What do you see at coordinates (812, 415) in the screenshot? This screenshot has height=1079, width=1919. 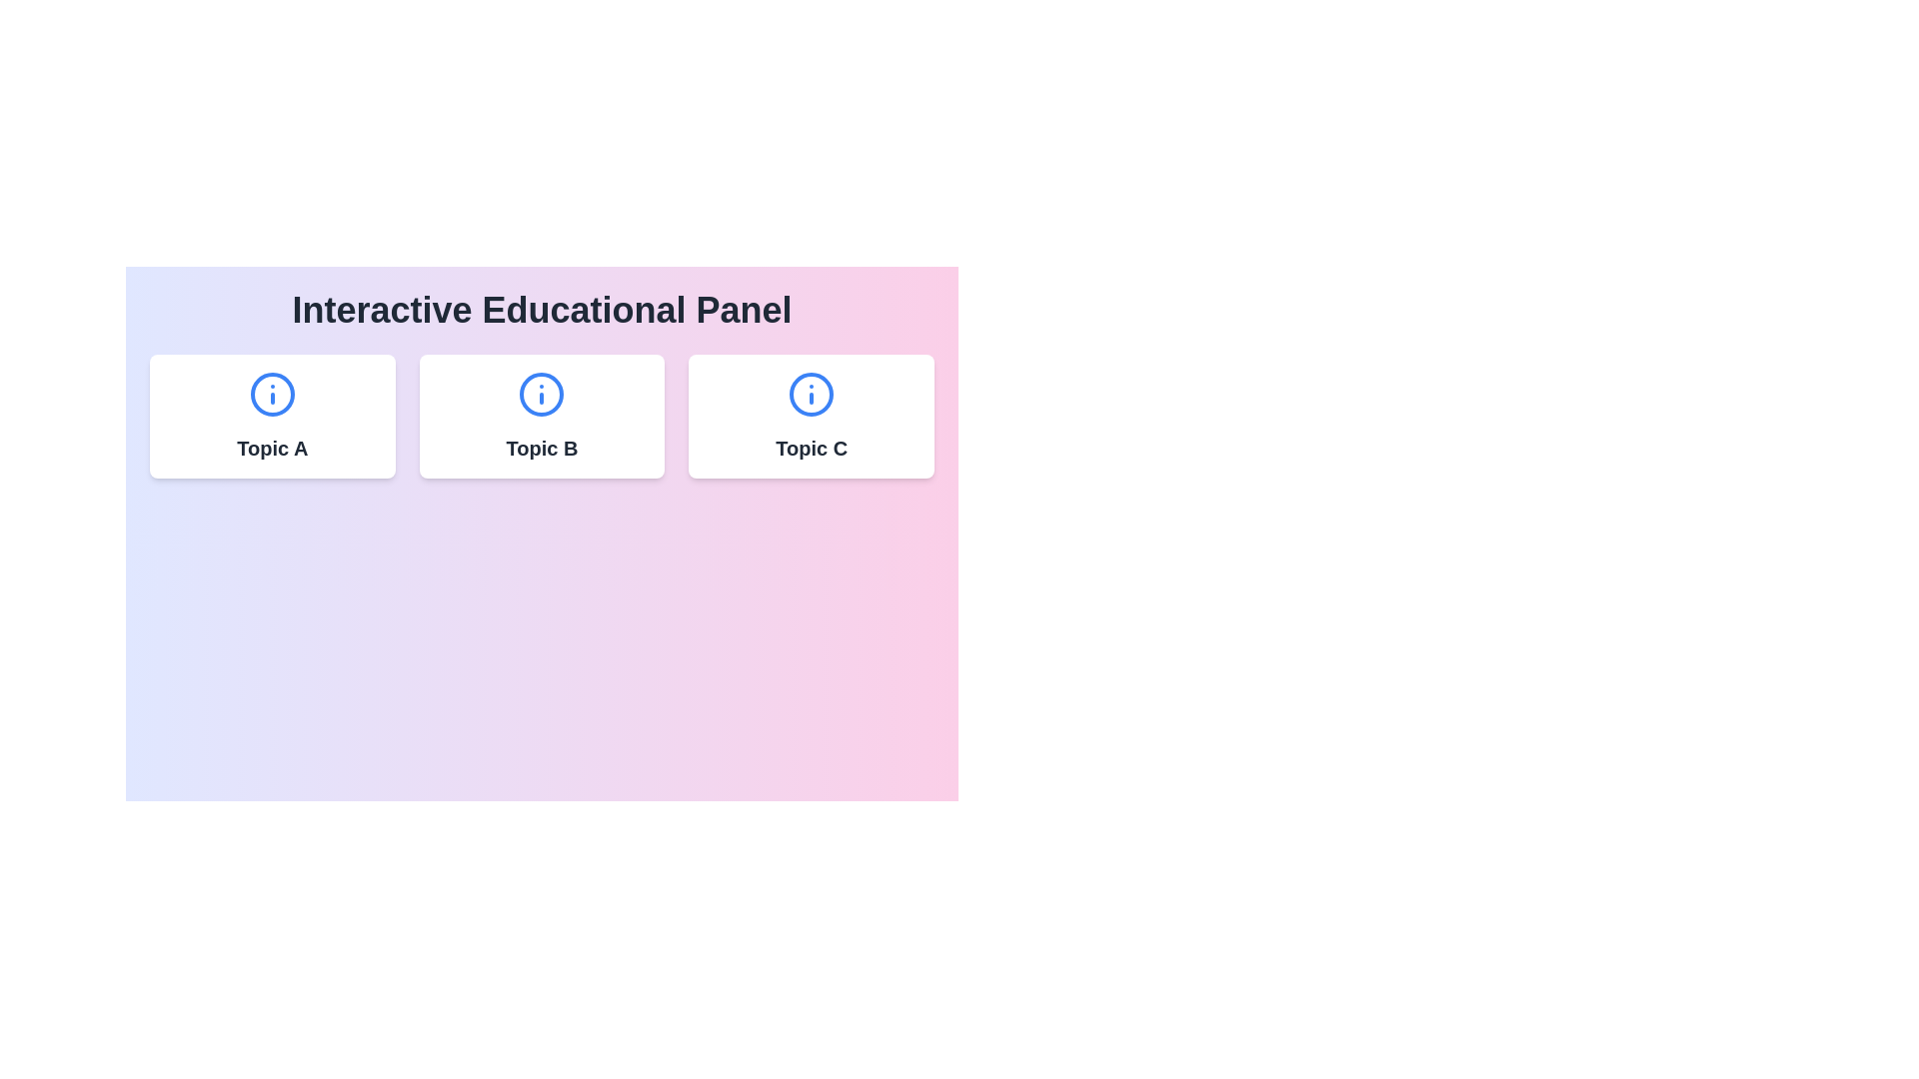 I see `the white card with a centered blue information icon and the text 'Topic C', which is the farthest right in a row of three horizontally aligned cards` at bounding box center [812, 415].